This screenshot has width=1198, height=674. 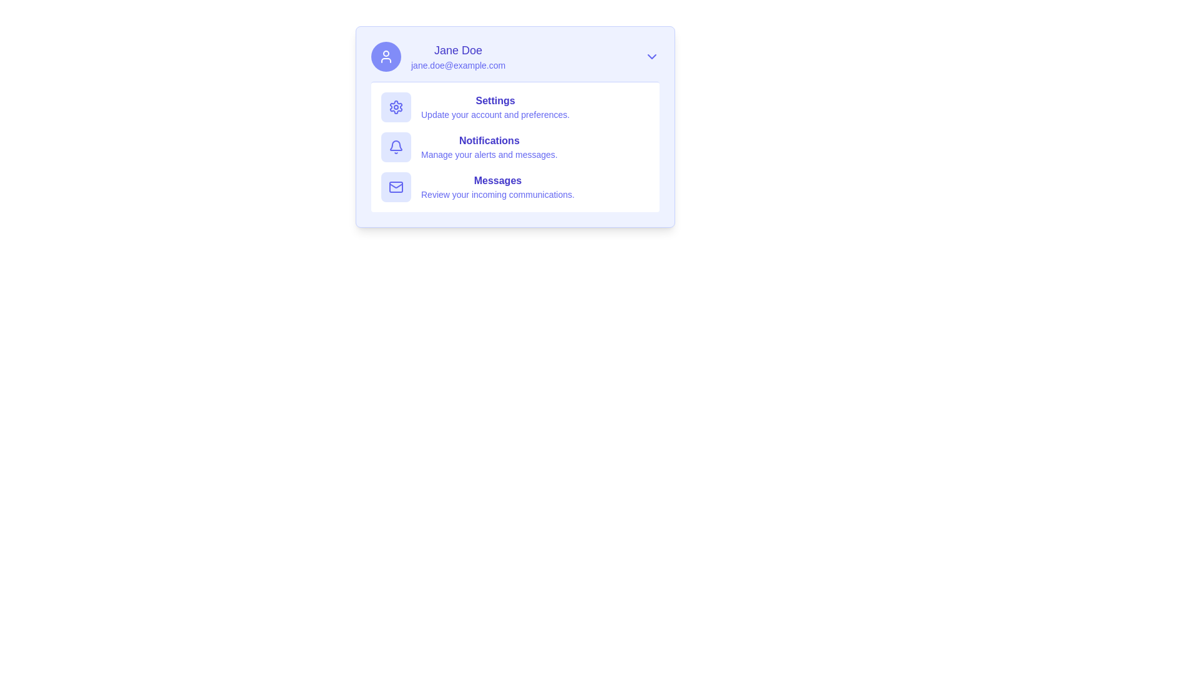 I want to click on the text label displaying 'Jane Doe' in a large bold indigo font, located at the top of the user profile card, so click(x=457, y=50).